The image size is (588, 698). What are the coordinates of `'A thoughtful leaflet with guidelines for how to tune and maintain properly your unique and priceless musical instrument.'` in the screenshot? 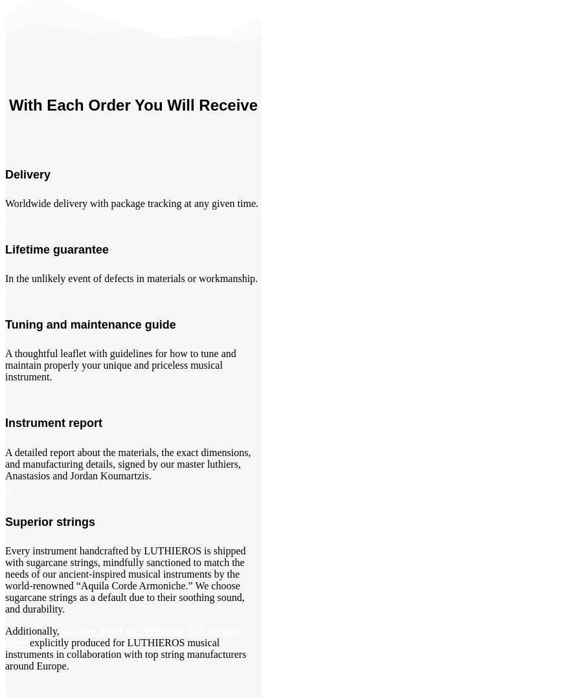 It's located at (119, 364).